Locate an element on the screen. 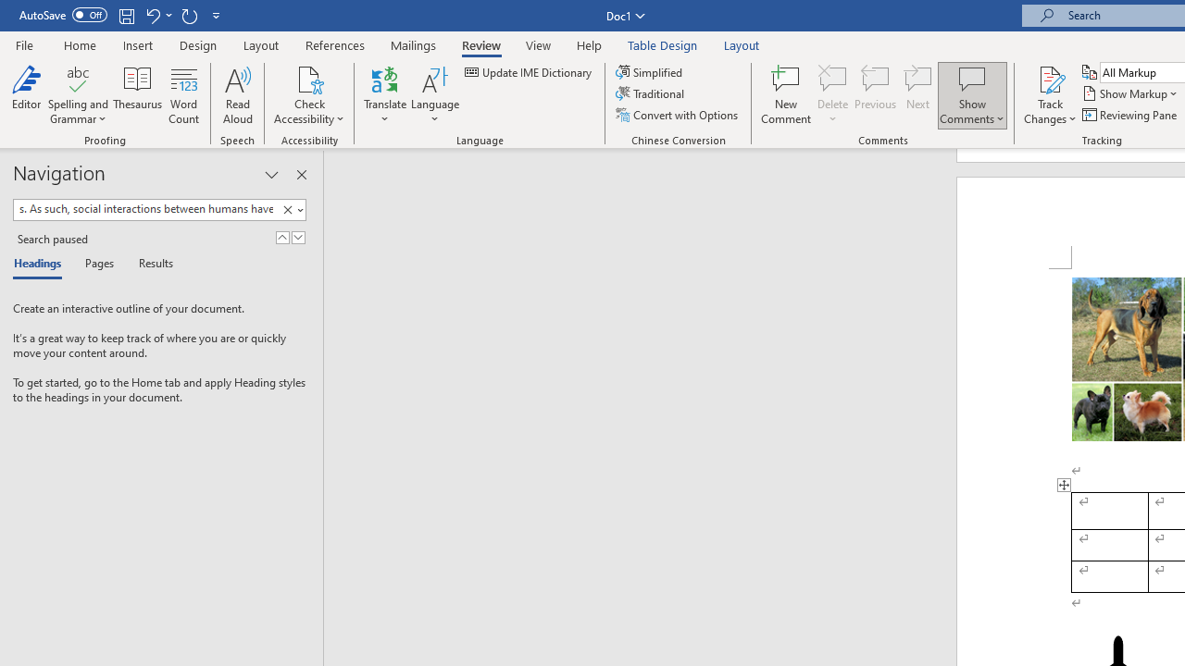 This screenshot has height=666, width=1185. 'Check Accessibility' is located at coordinates (309, 78).